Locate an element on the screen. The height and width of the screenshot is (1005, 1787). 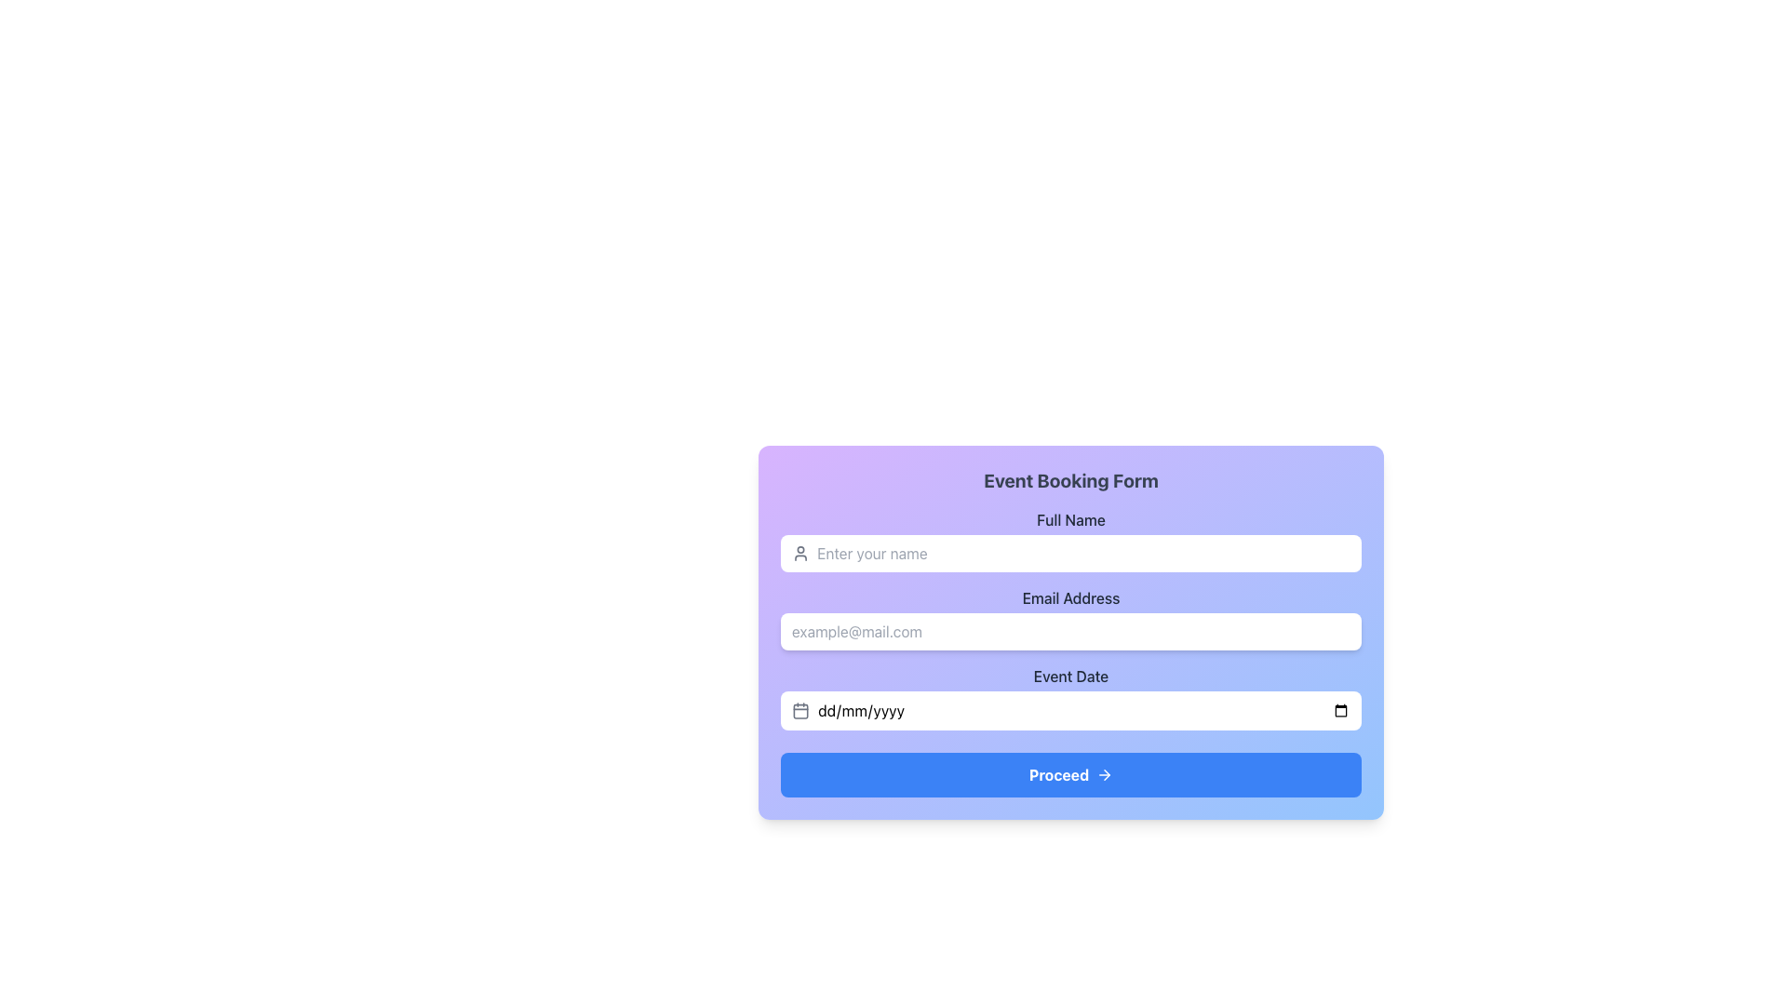
the 'Full Name' text label, which is styled with a bold, medium-sized font and is placed inside a rectangular box with a soft purple and blue gradient background is located at coordinates (1071, 520).